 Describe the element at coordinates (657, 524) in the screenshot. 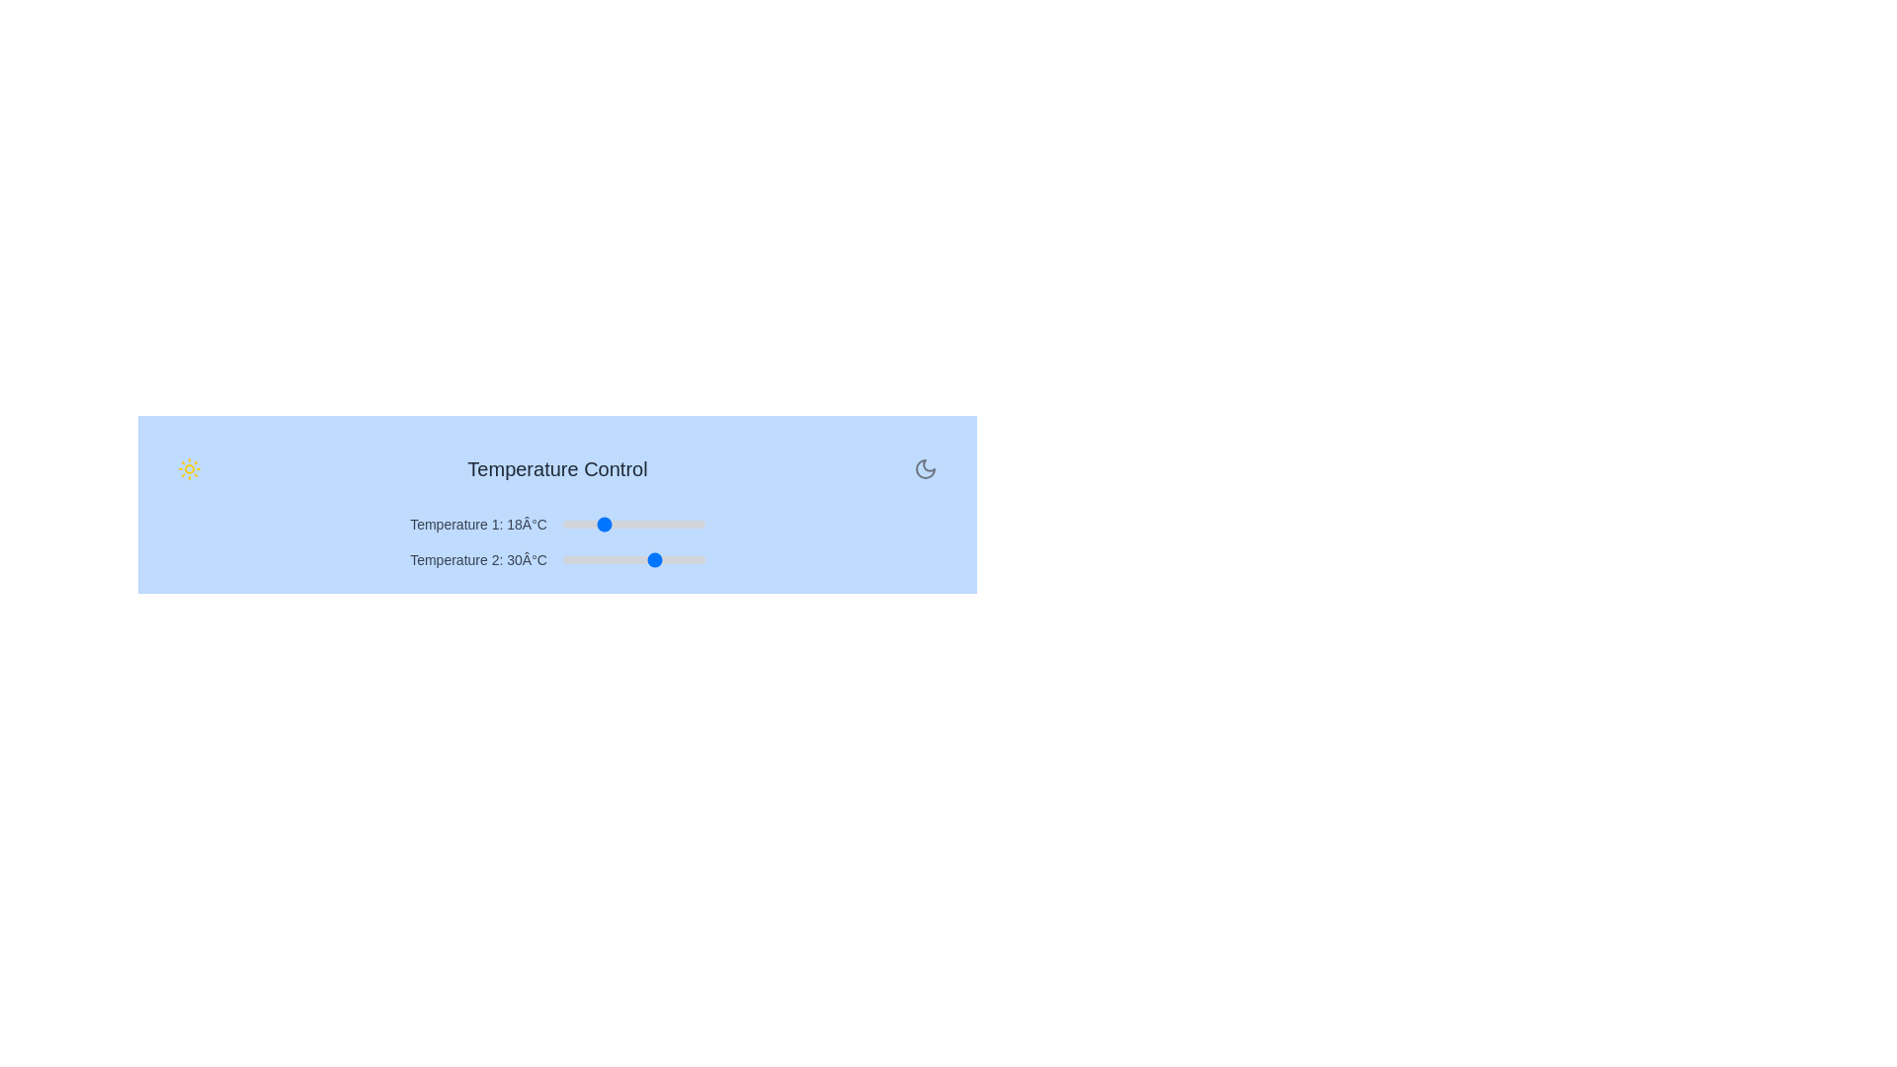

I see `the temperature` at that location.